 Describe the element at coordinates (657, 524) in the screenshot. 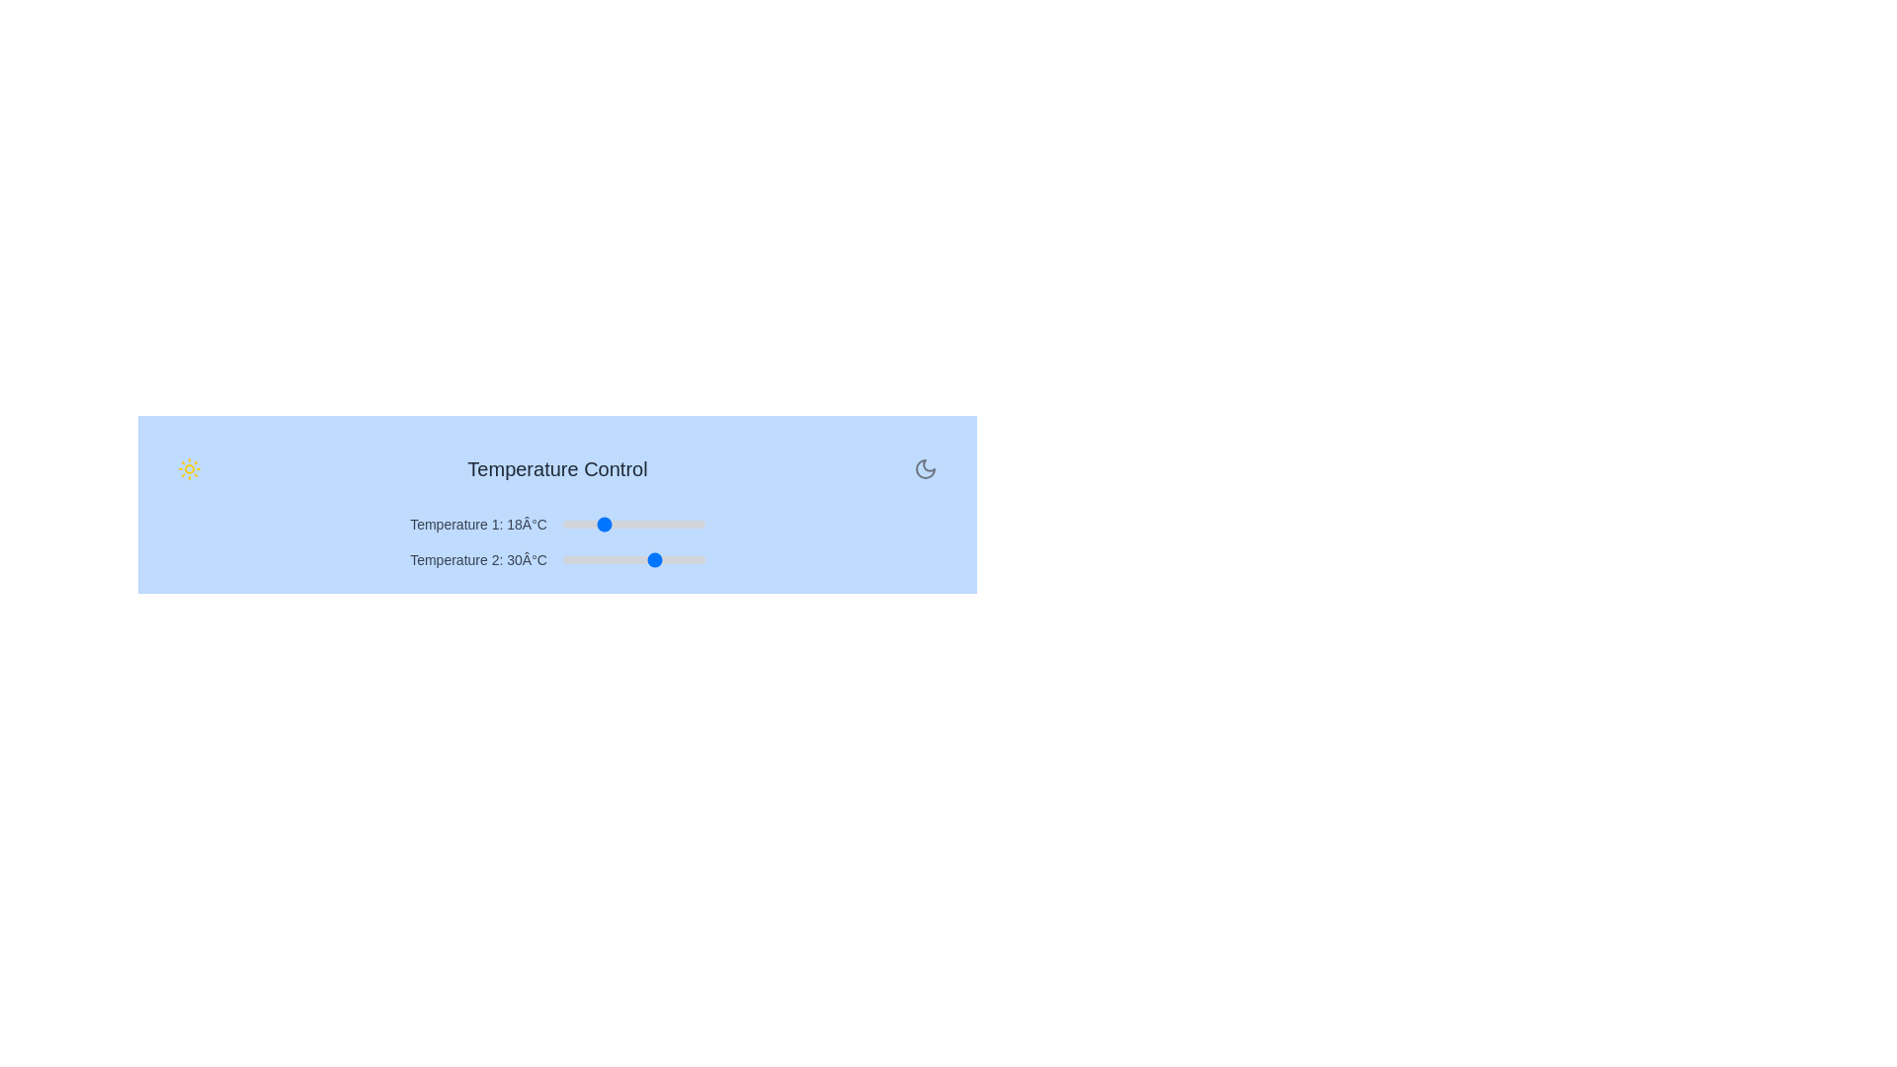

I see `the temperature` at that location.